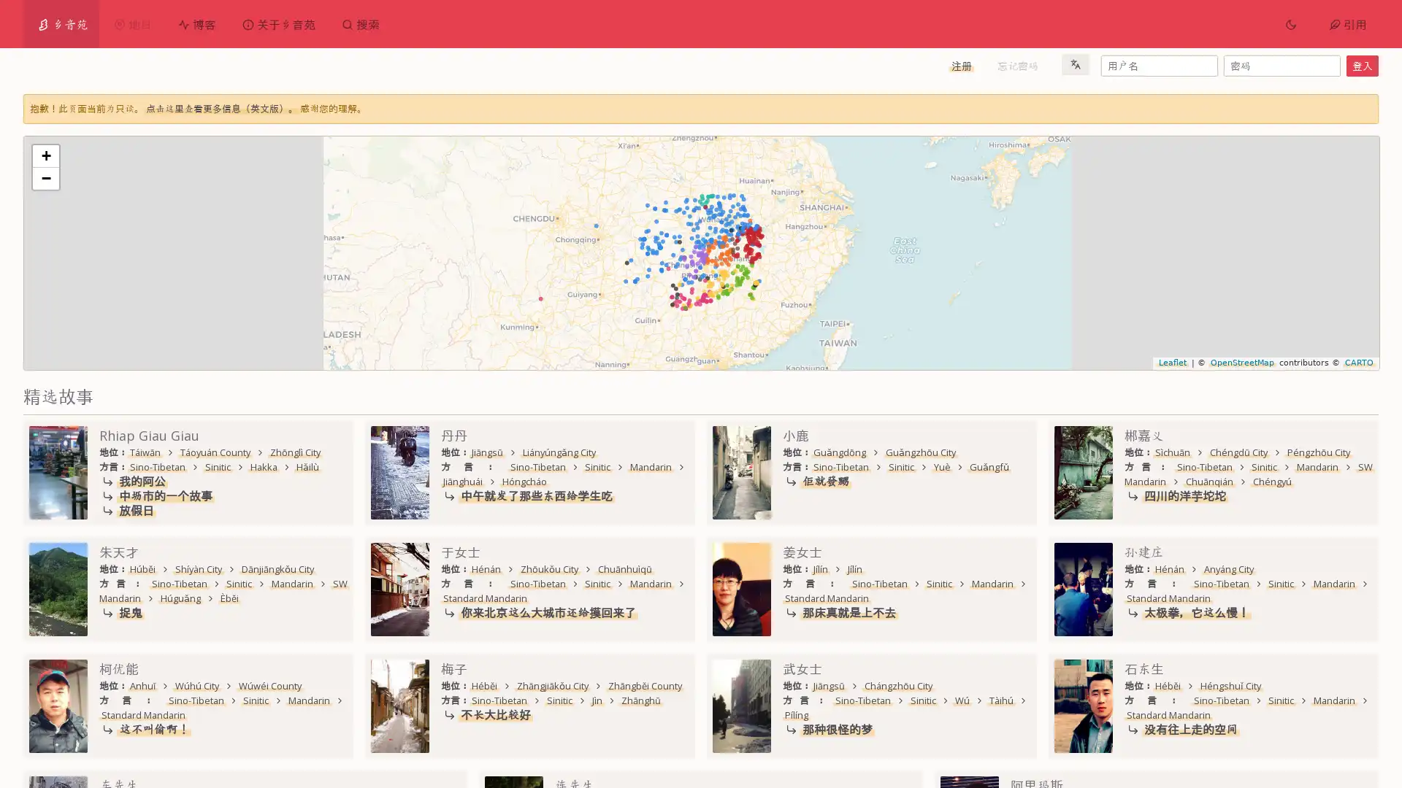 The image size is (1402, 788). I want to click on Zoom out, so click(45, 177).